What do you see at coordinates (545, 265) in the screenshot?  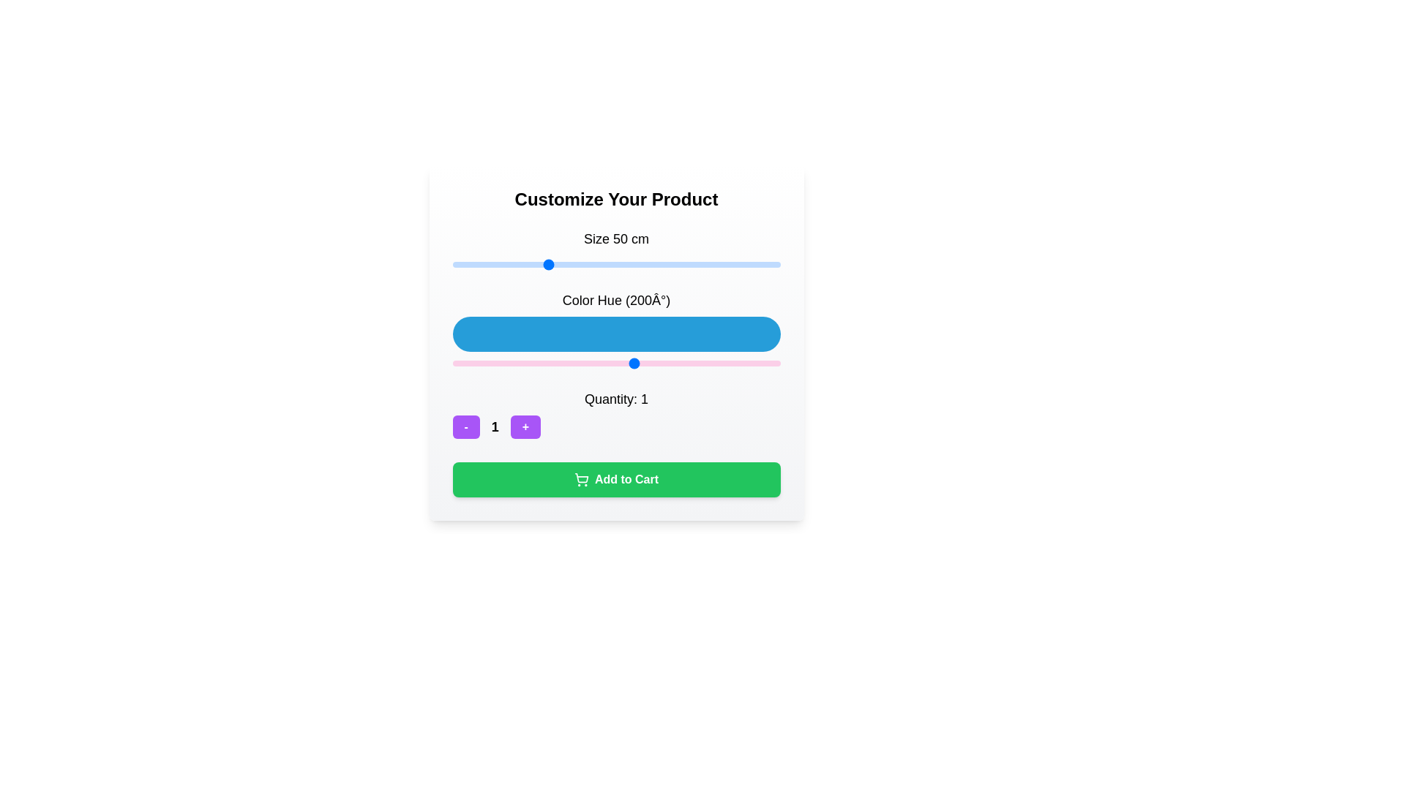 I see `the size` at bounding box center [545, 265].